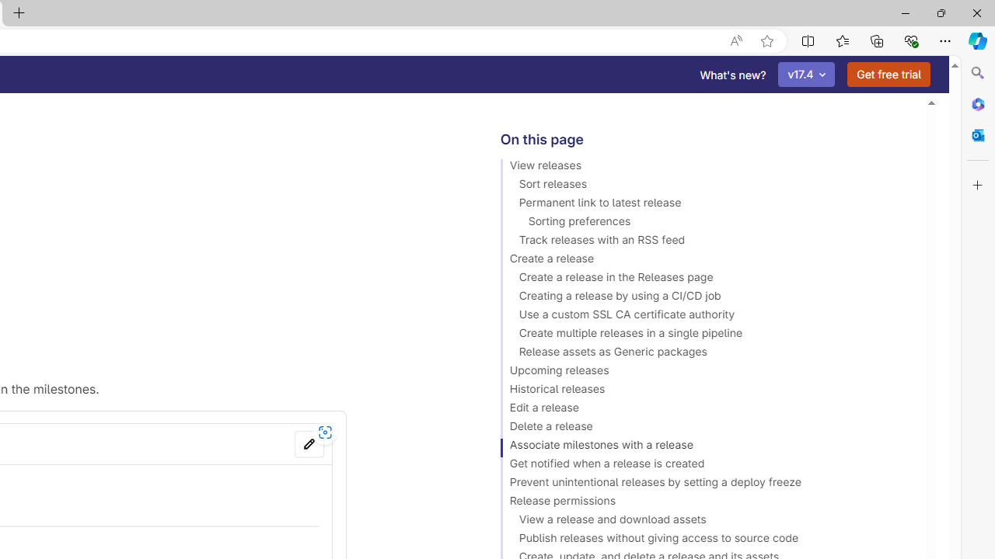  What do you see at coordinates (889, 75) in the screenshot?
I see `'Get free trial'` at bounding box center [889, 75].